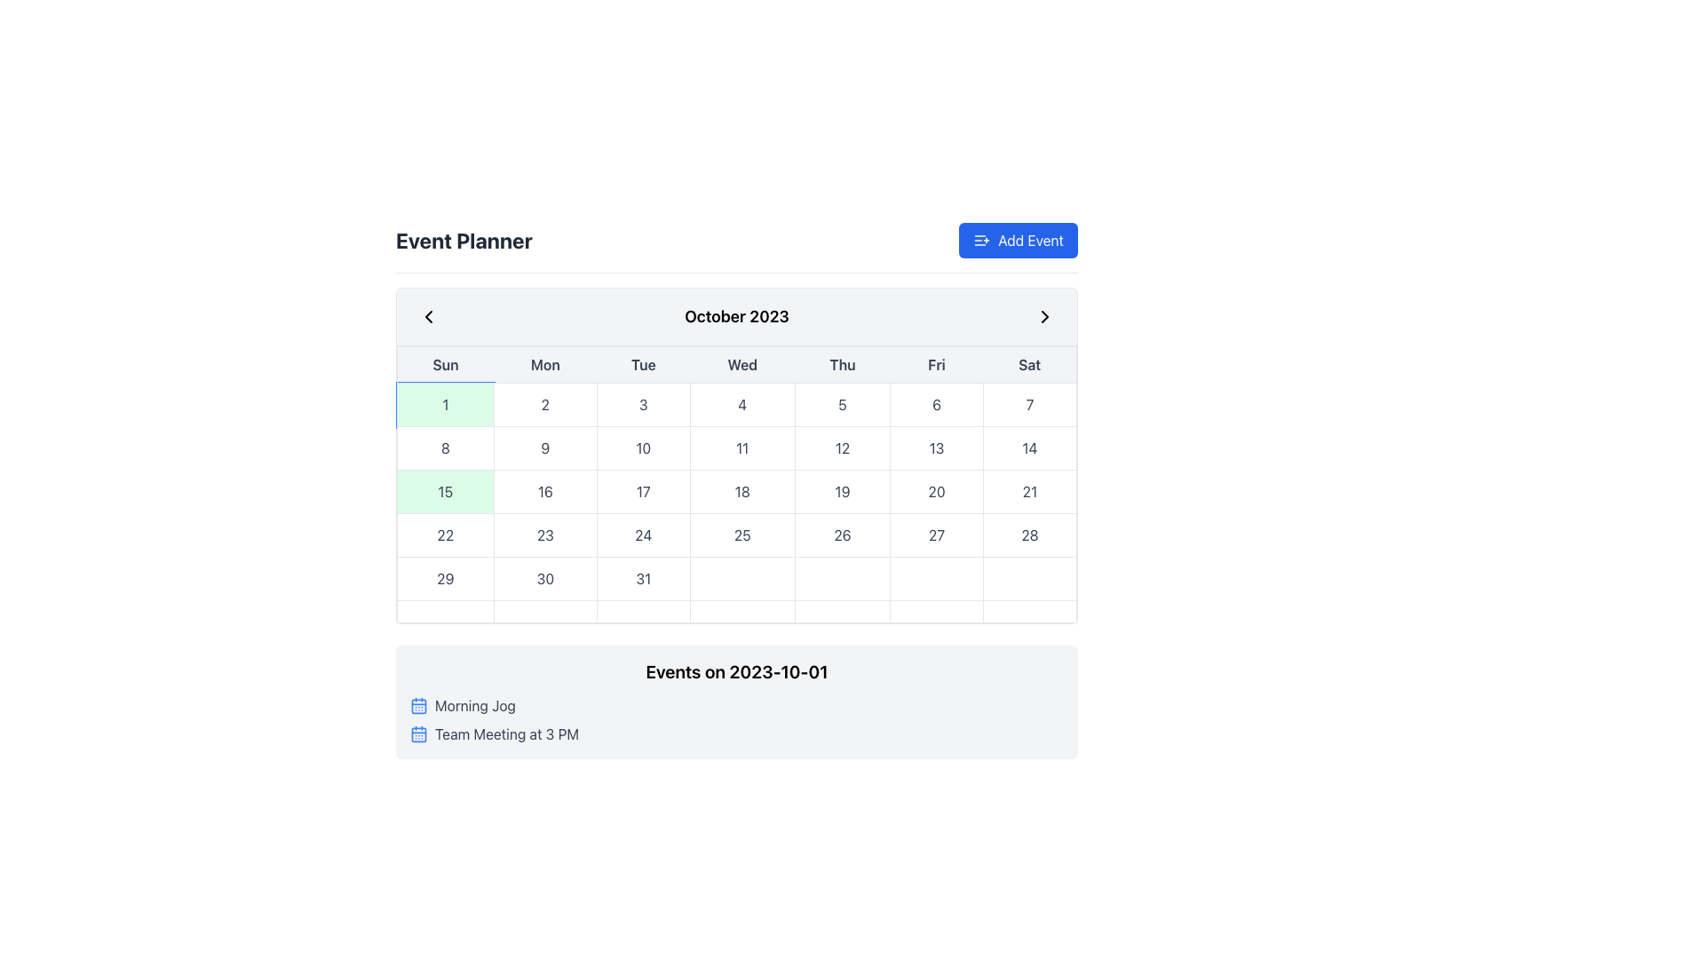 The width and height of the screenshot is (1705, 959). I want to click on the Text Cell containing the date '4' in the Calendar Grid Layout for October 2023, located under the 'Wed' column, so click(737, 404).